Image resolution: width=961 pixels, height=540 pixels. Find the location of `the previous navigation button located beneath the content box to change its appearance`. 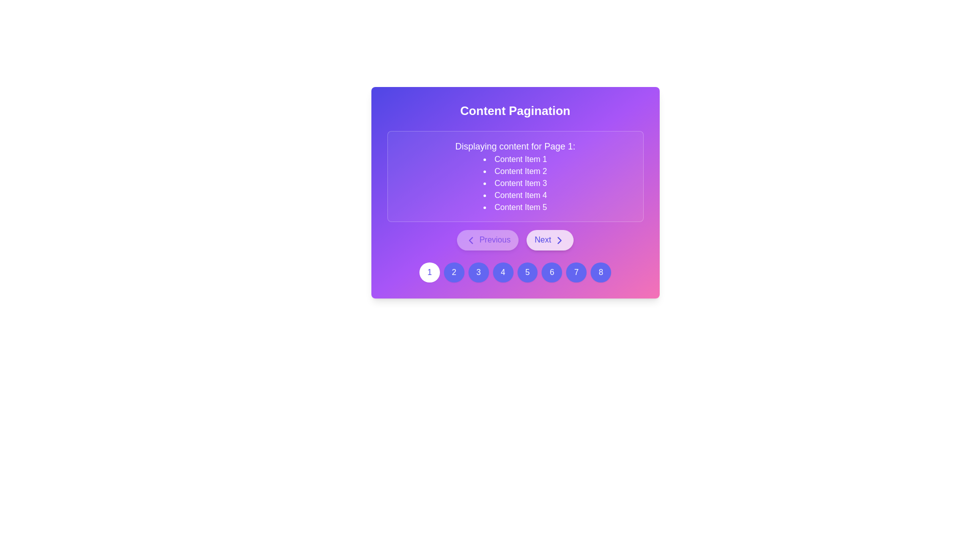

the previous navigation button located beneath the content box to change its appearance is located at coordinates (488, 240).